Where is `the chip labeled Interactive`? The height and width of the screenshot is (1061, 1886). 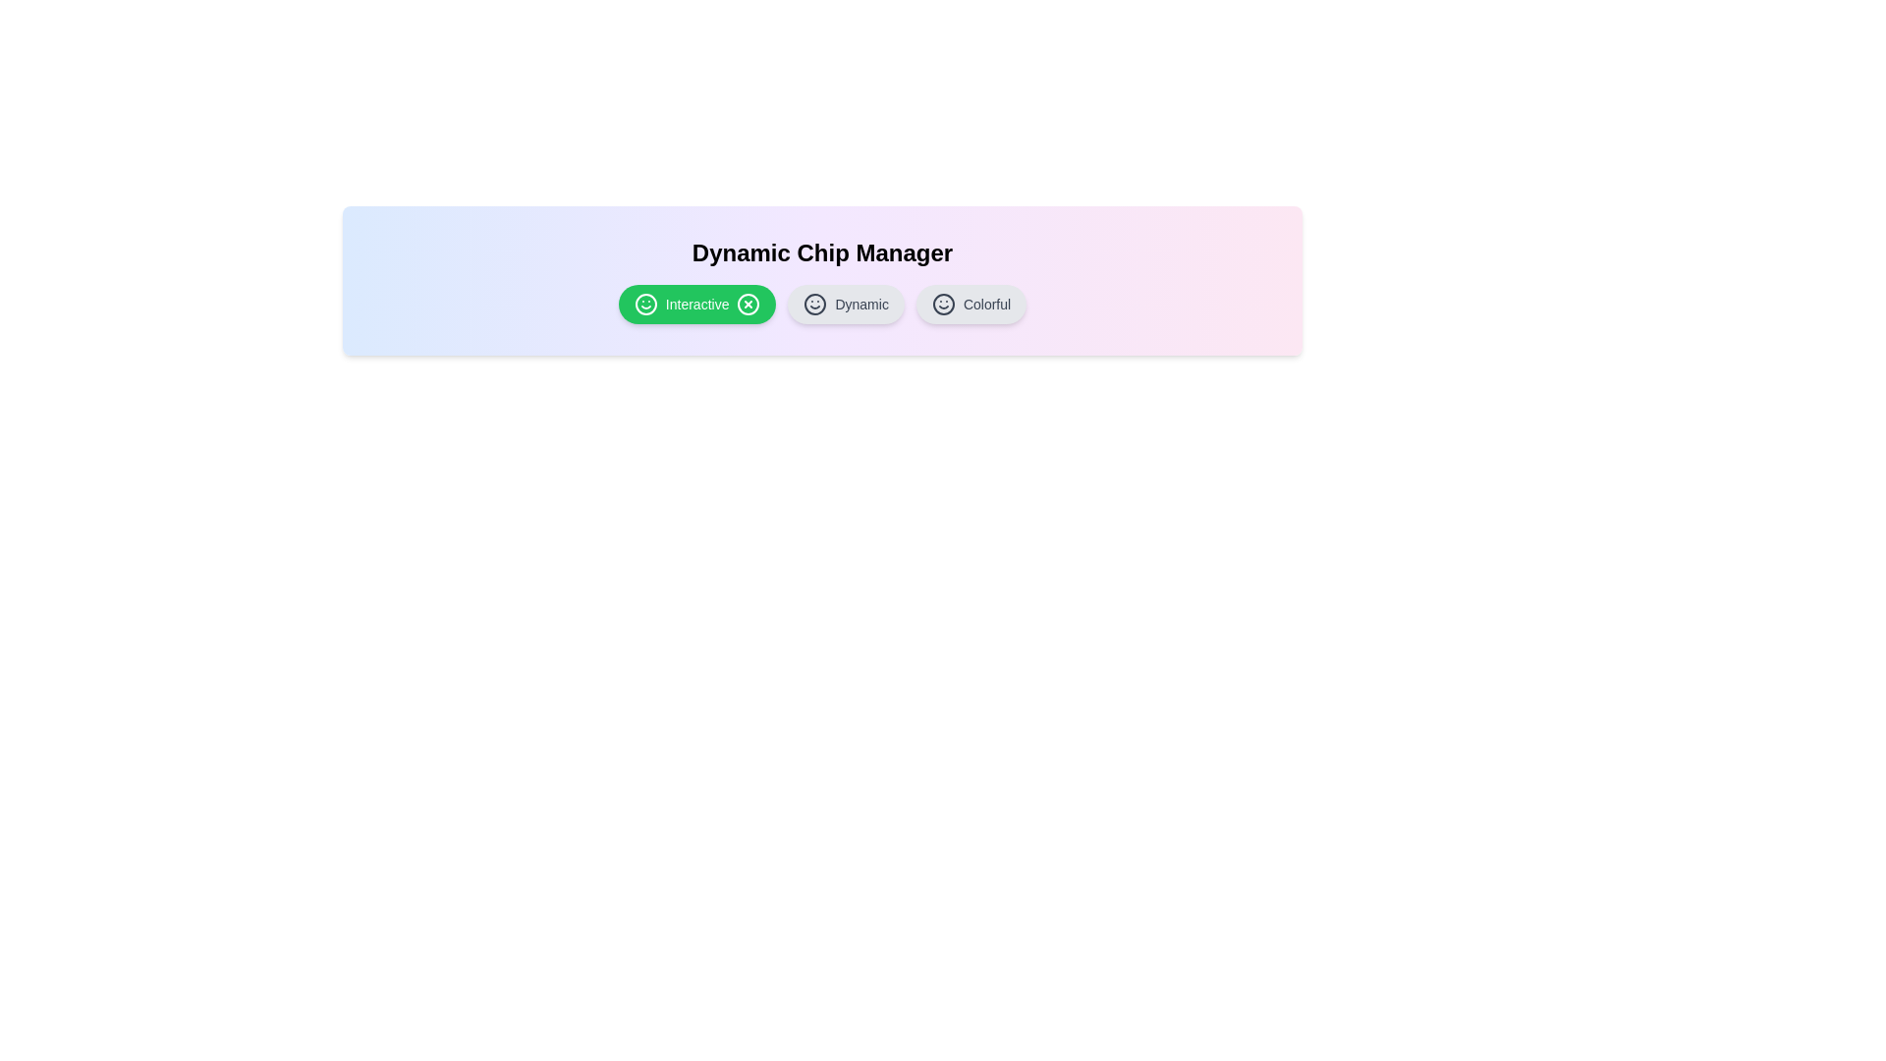 the chip labeled Interactive is located at coordinates (697, 304).